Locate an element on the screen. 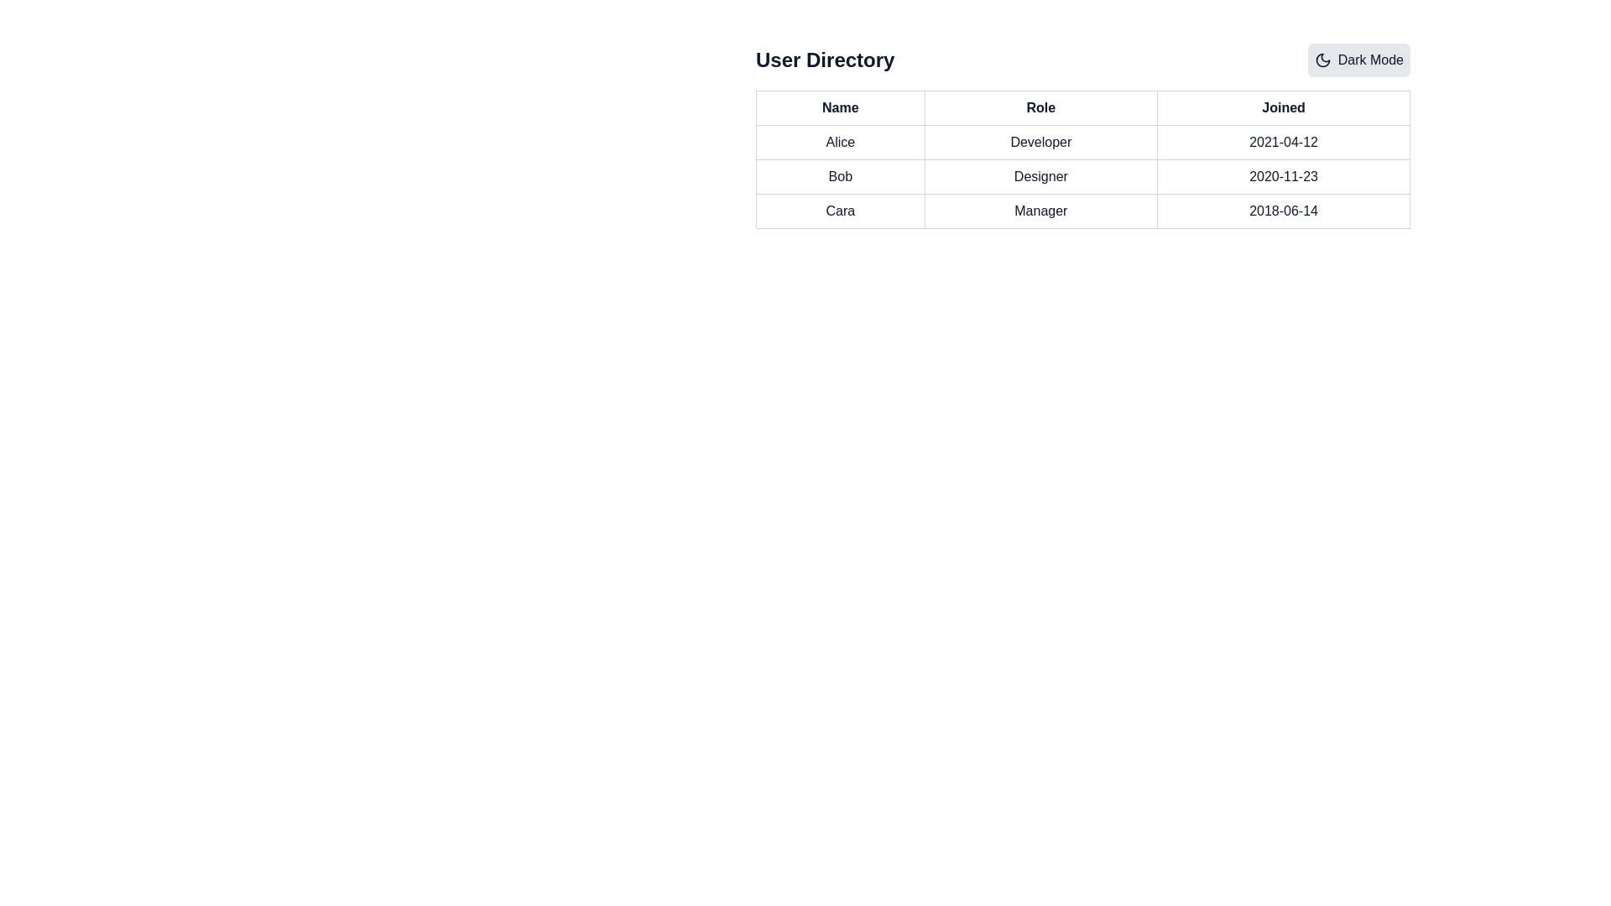 The width and height of the screenshot is (1611, 906). the table cell displaying the role 'Manager' for the user 'Cara' is located at coordinates (1039, 210).